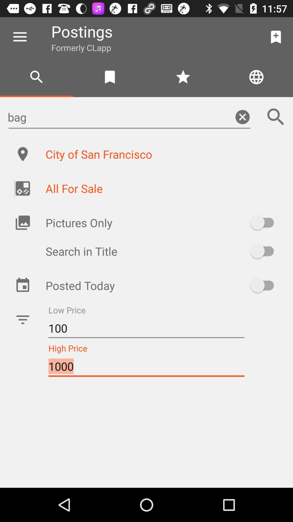  What do you see at coordinates (146, 366) in the screenshot?
I see `the 1000` at bounding box center [146, 366].